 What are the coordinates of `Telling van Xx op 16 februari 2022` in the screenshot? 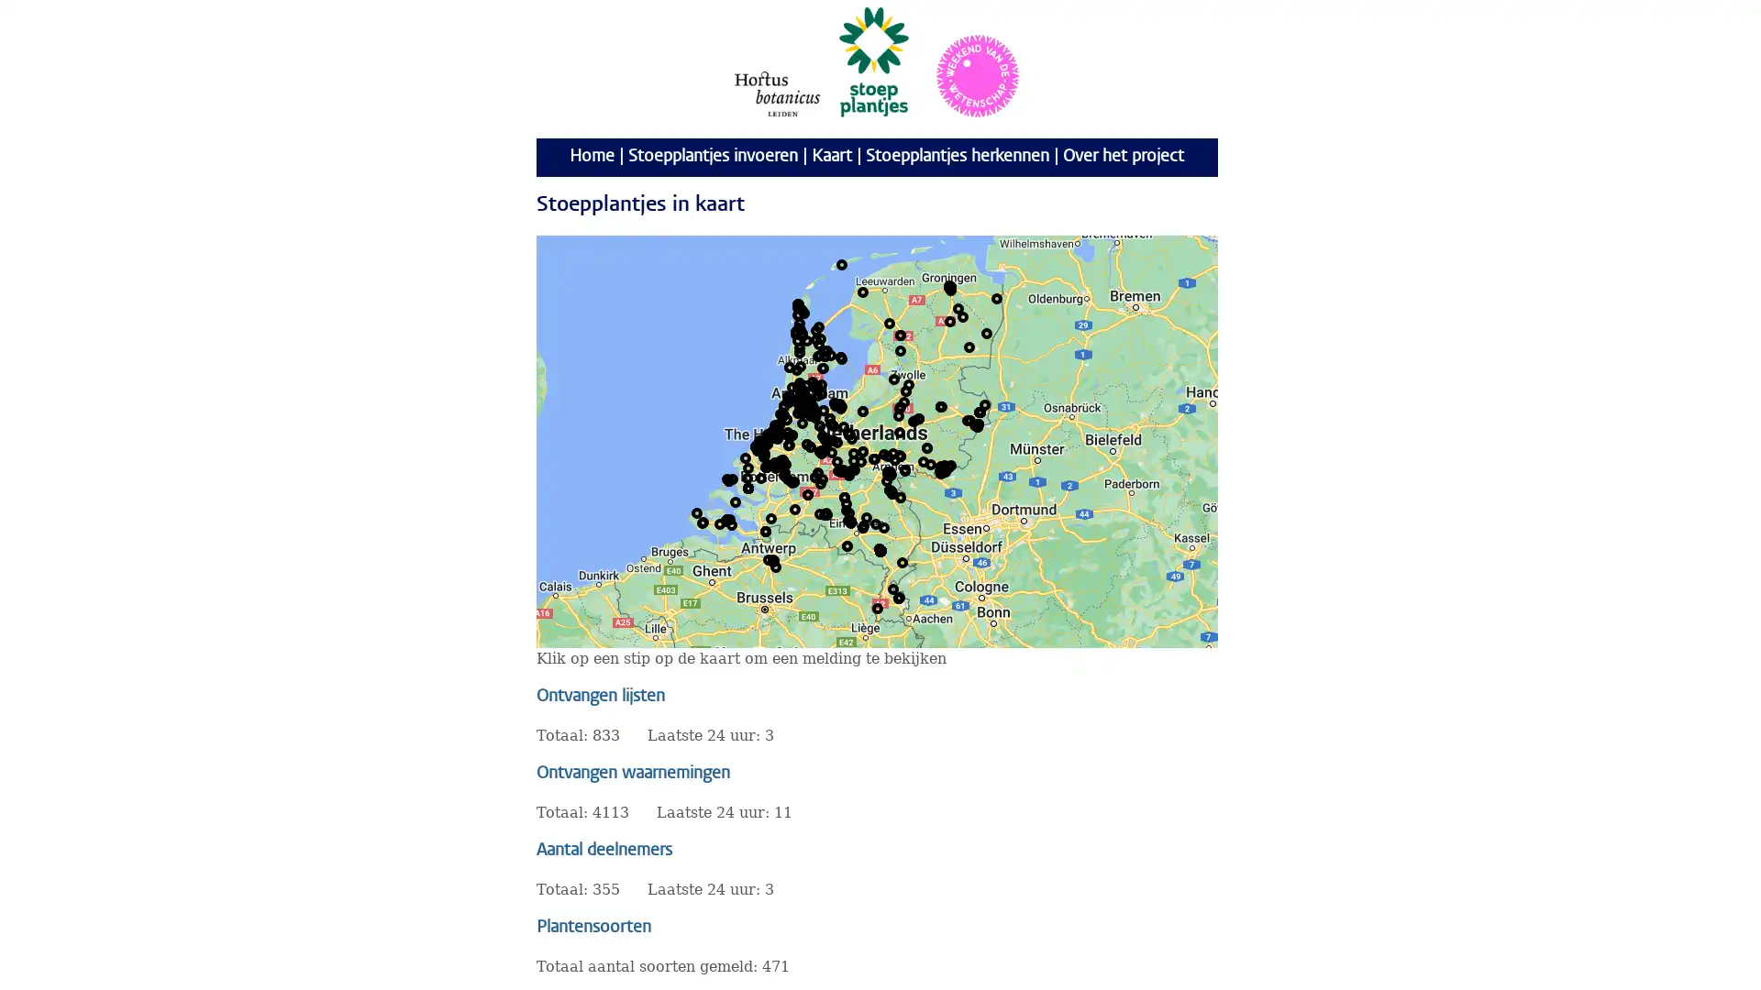 It's located at (849, 520).